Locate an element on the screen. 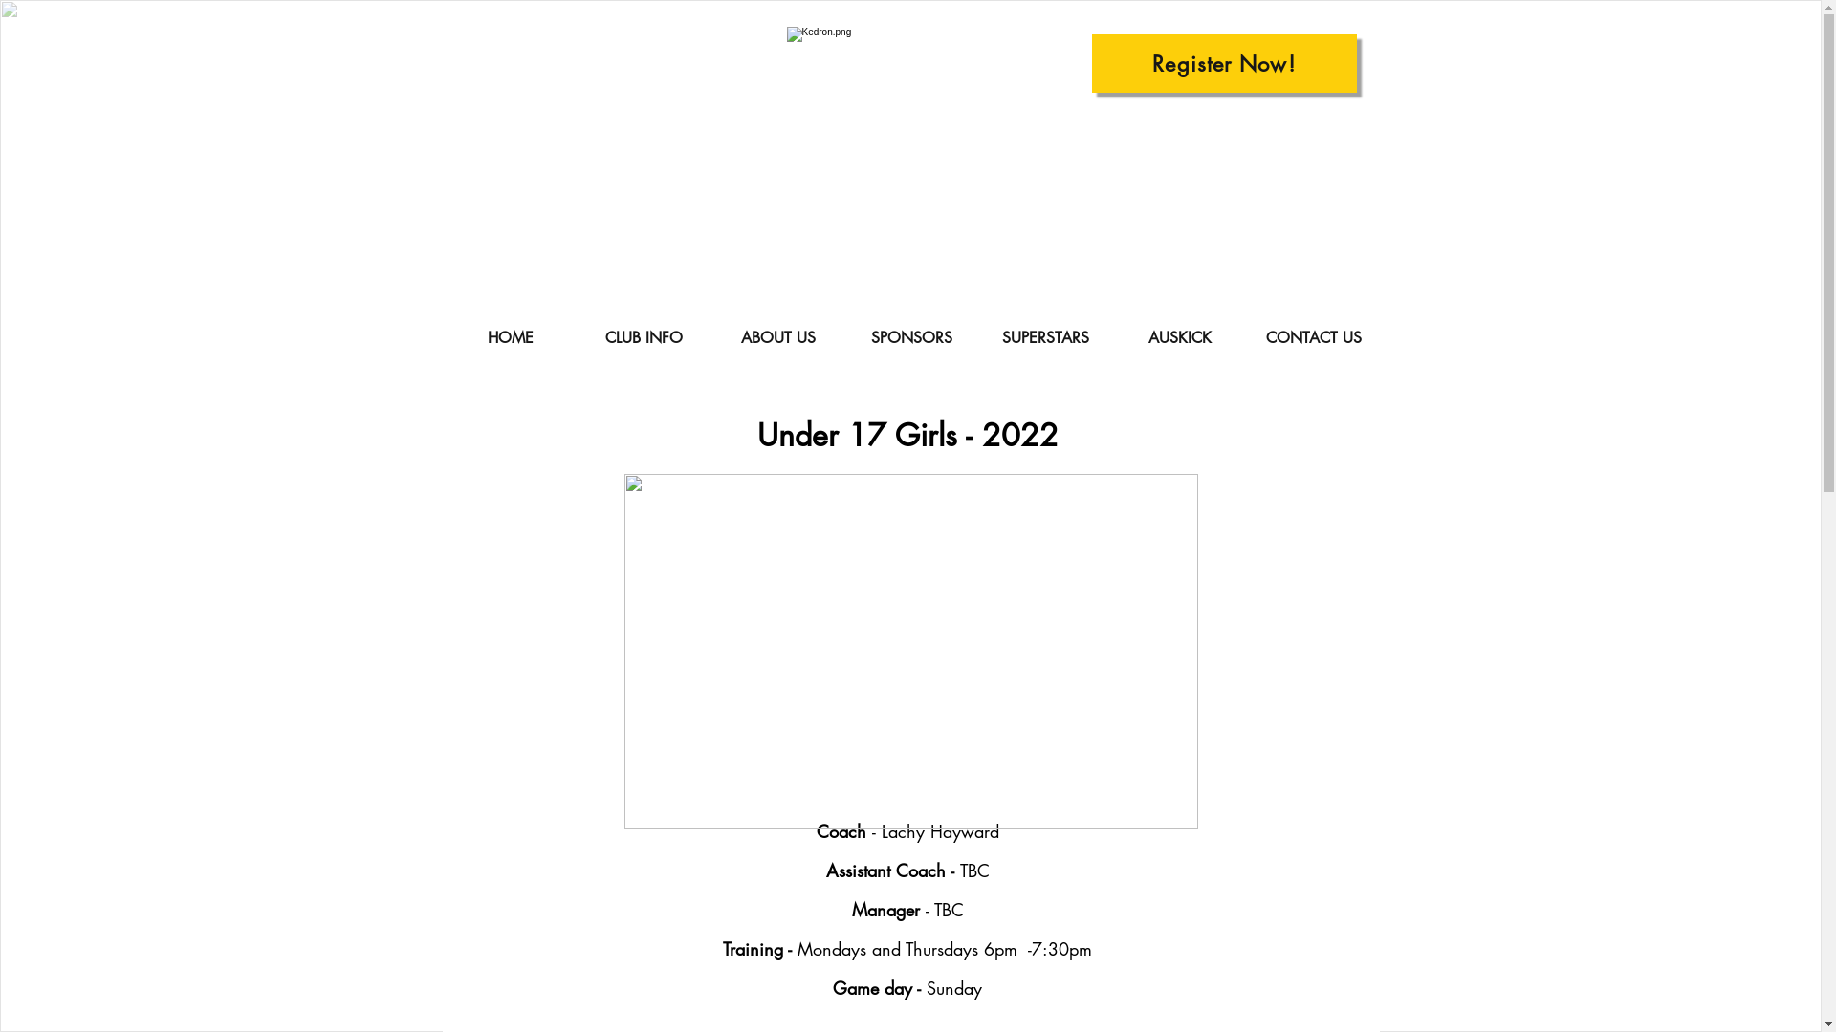 The height and width of the screenshot is (1032, 1836). 'SPONSORS' is located at coordinates (911, 337).